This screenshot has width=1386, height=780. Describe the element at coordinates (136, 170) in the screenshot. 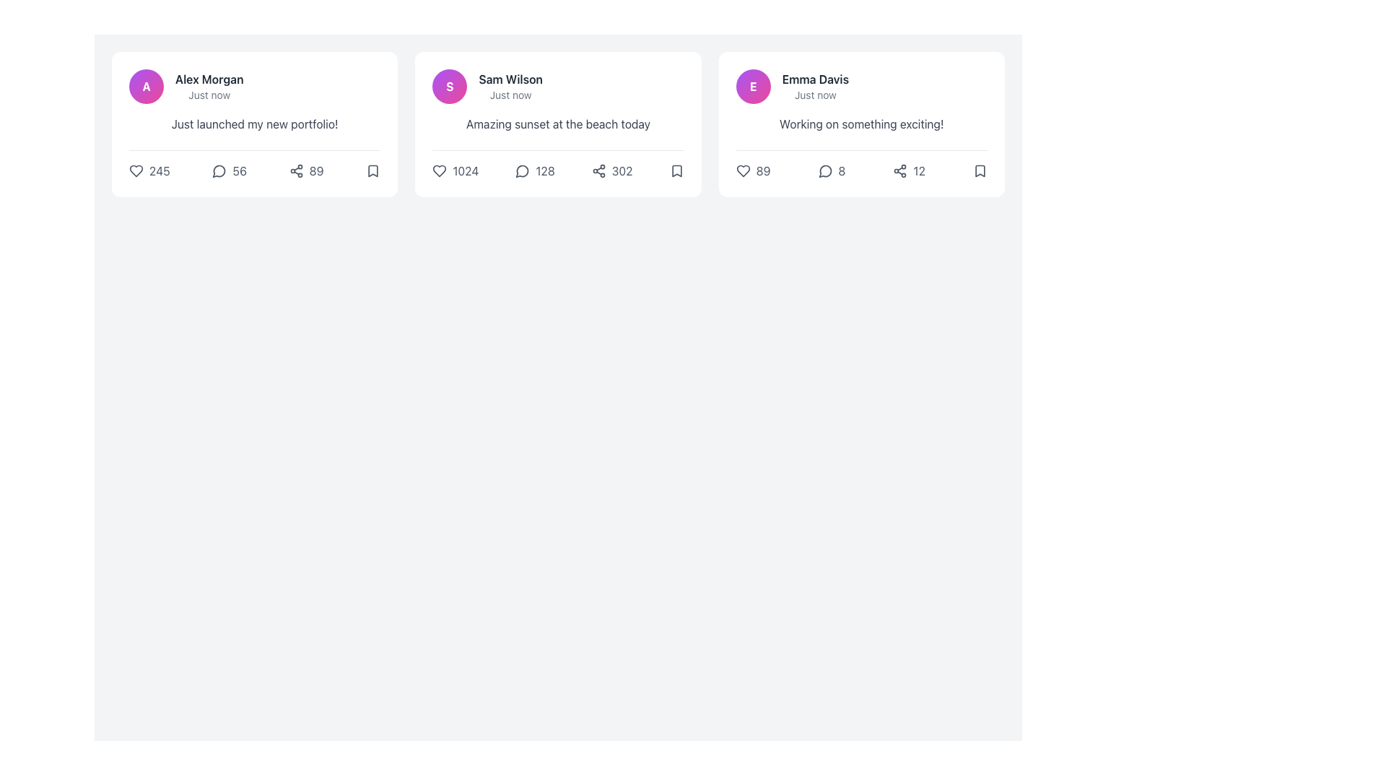

I see `the Heart icon located below the main content of the first post to like the post` at that location.